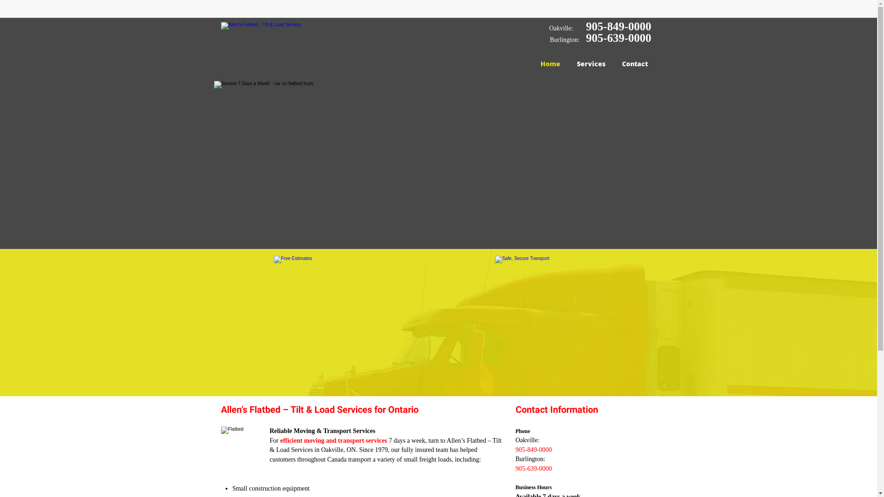 Image resolution: width=884 pixels, height=497 pixels. I want to click on 'Contact', so click(613, 63).